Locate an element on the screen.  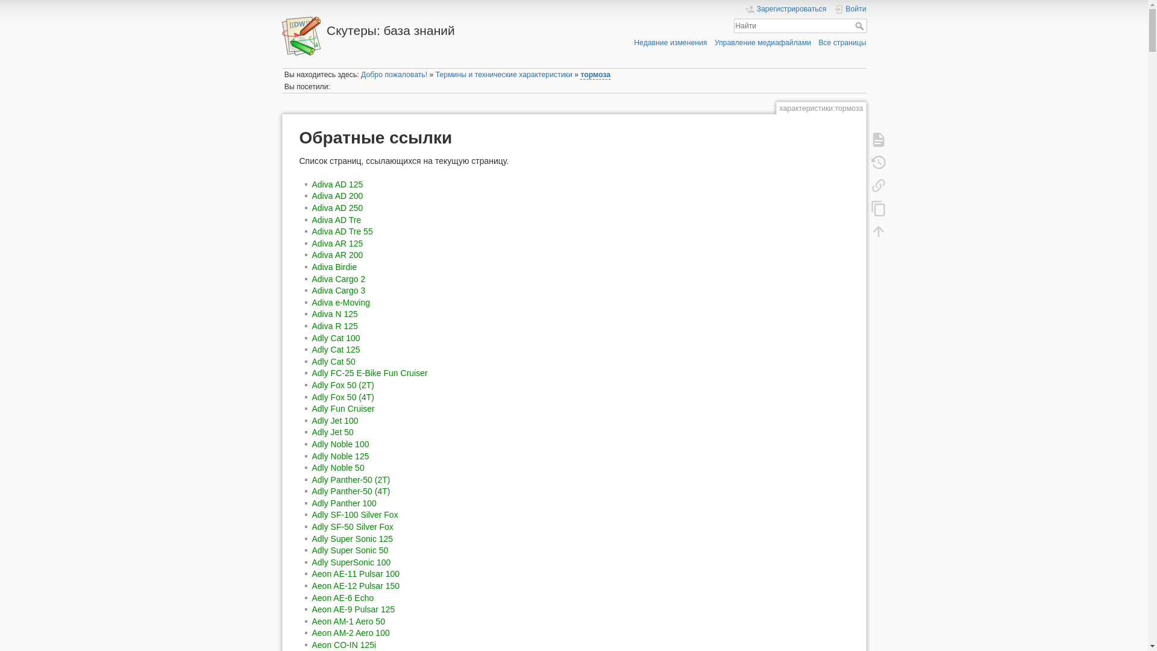
'Adly Panther-50 (2T)' is located at coordinates (312, 479).